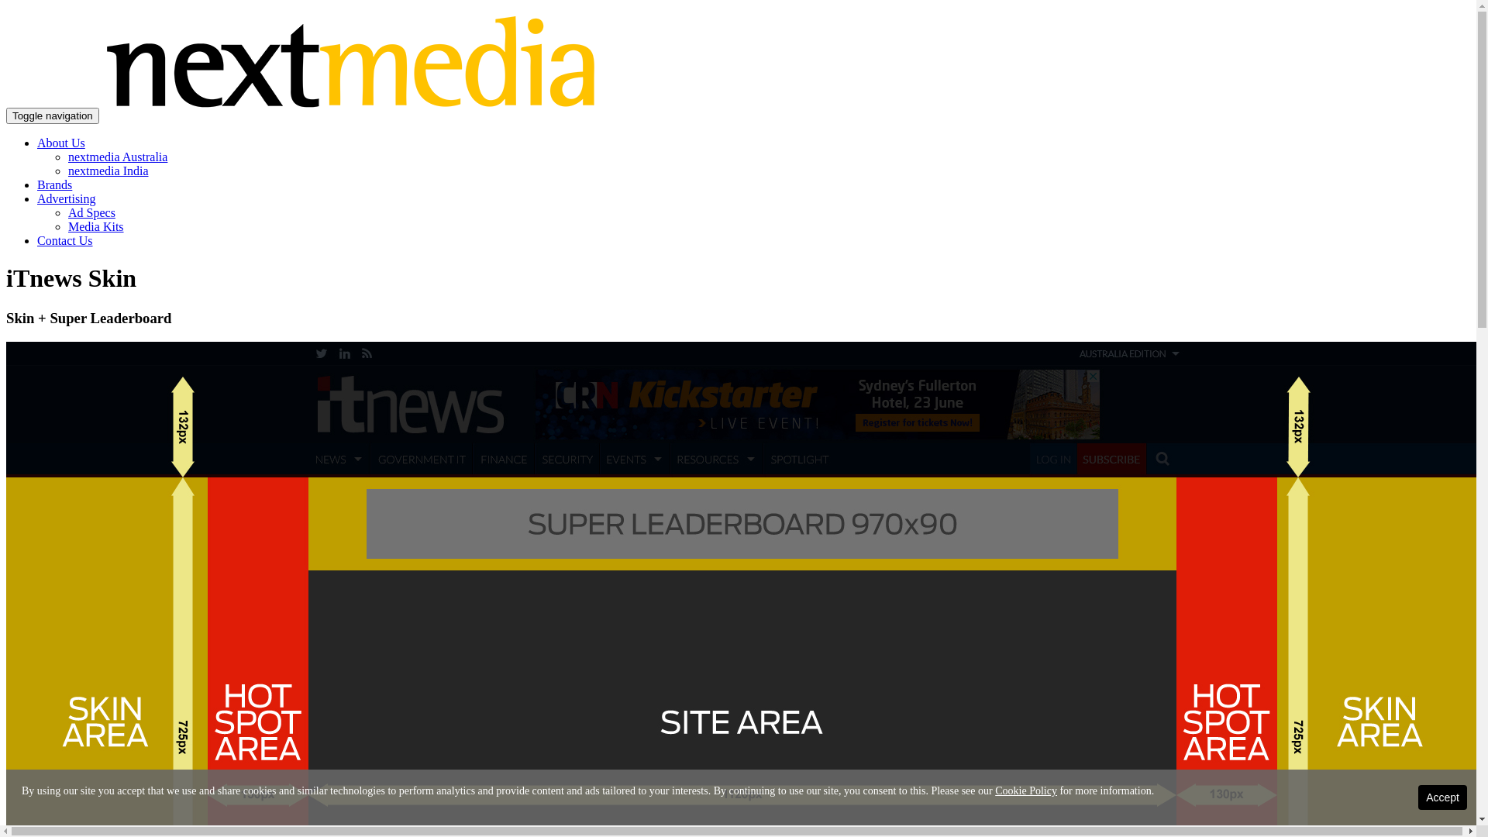 The height and width of the screenshot is (837, 1488). I want to click on 'Contact Us', so click(37, 240).